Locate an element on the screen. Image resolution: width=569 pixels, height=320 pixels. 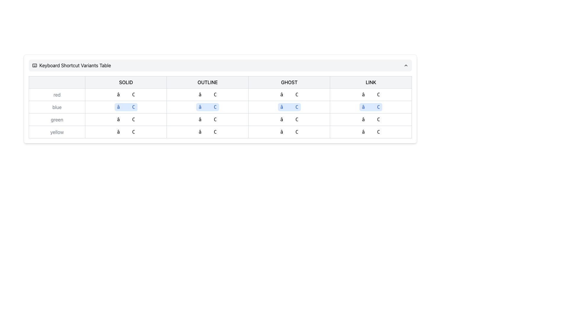
the static button-like label that visually resembles a button and is positioned as the third button from the left in the sequence of 'Solid', 'Outline', 'Ghost', and 'Link' is located at coordinates (289, 82).